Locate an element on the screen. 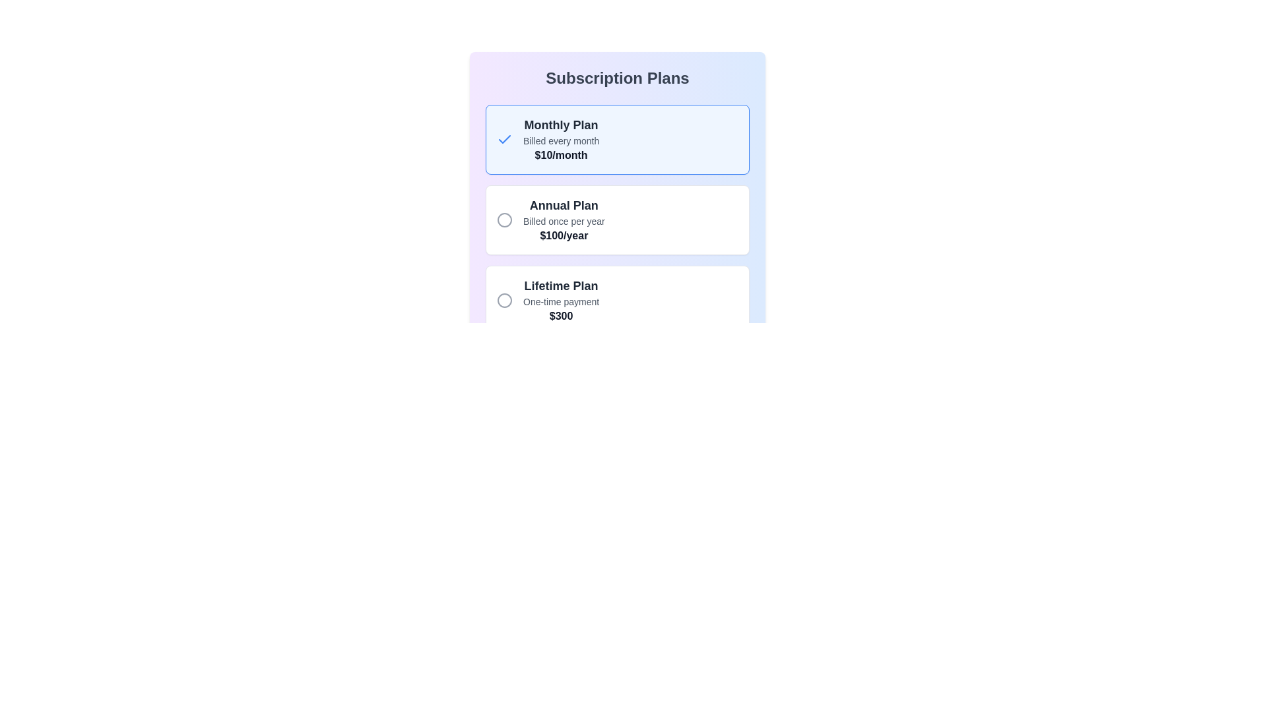 The width and height of the screenshot is (1267, 712). the radio button on the 'Annual Plan' subscription card is located at coordinates (617, 220).